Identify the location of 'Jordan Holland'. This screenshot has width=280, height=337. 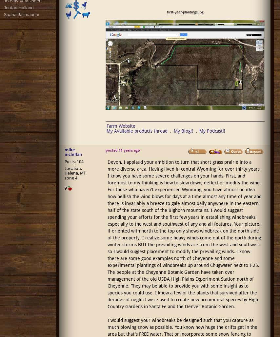
(3, 7).